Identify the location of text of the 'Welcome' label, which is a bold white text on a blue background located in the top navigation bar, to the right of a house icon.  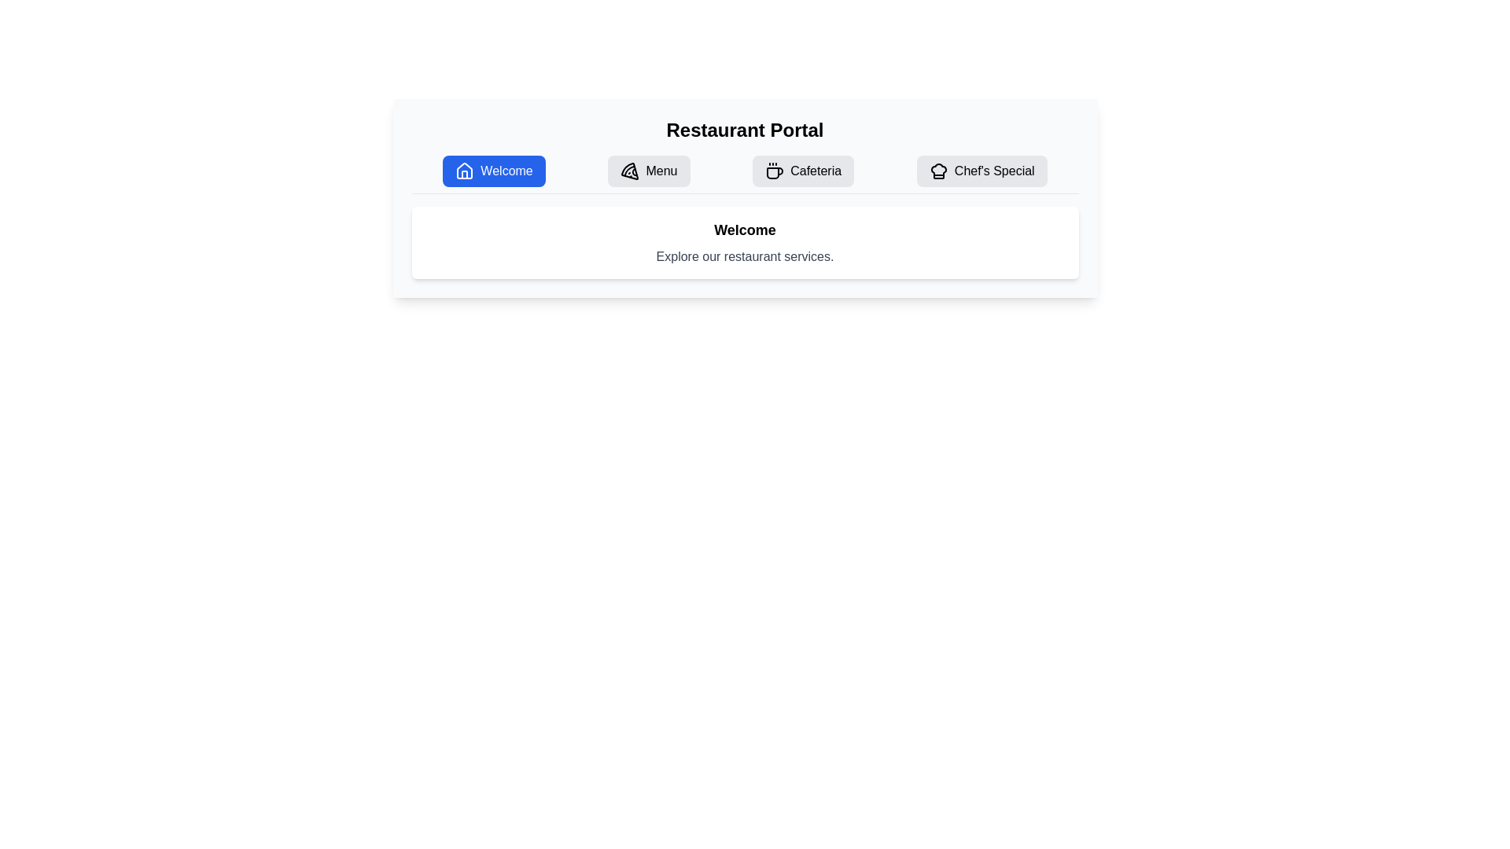
(506, 171).